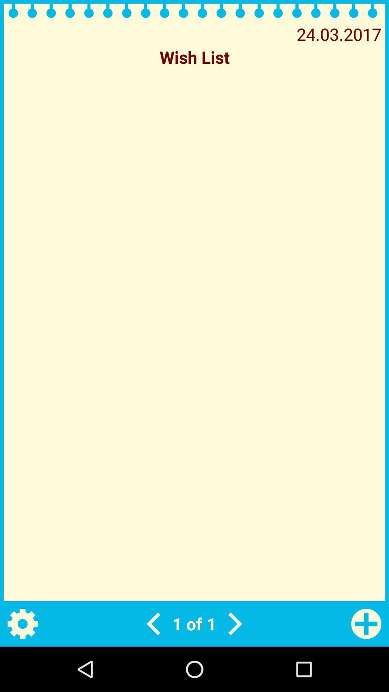 The width and height of the screenshot is (389, 692). Describe the element at coordinates (194, 623) in the screenshot. I see `1 of 1 app` at that location.